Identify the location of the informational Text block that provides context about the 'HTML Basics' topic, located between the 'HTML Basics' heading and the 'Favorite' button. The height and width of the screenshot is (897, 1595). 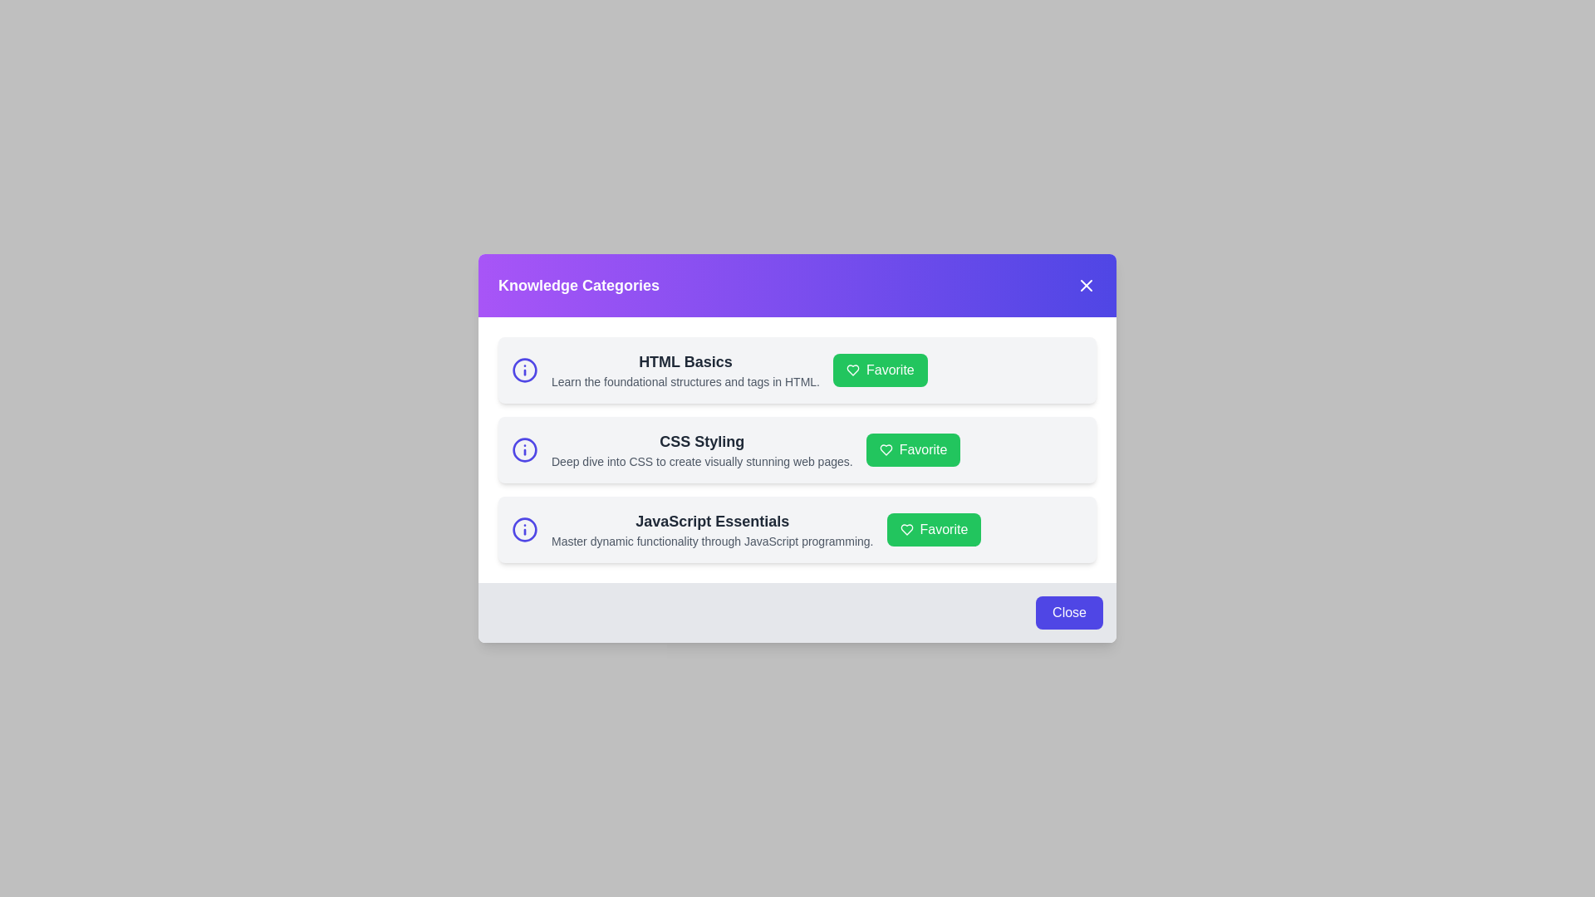
(685, 381).